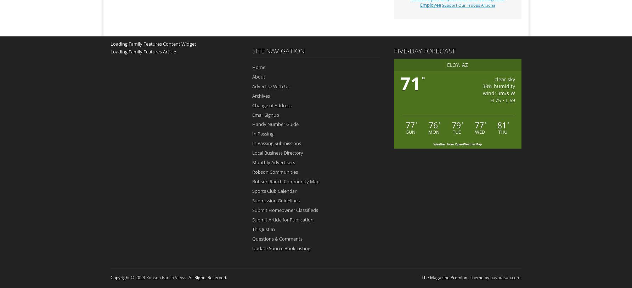 The image size is (632, 288). I want to click on 'Site Navigation', so click(278, 50).